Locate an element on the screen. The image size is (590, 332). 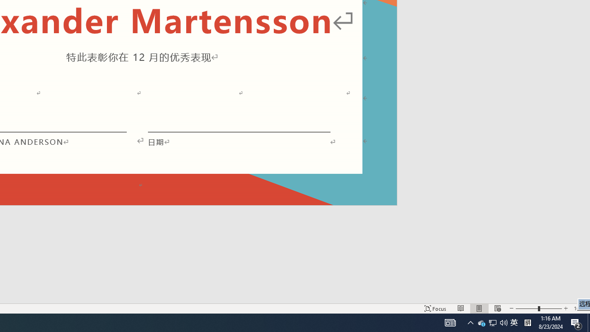
'User Promoted Notification Area' is located at coordinates (481, 322).